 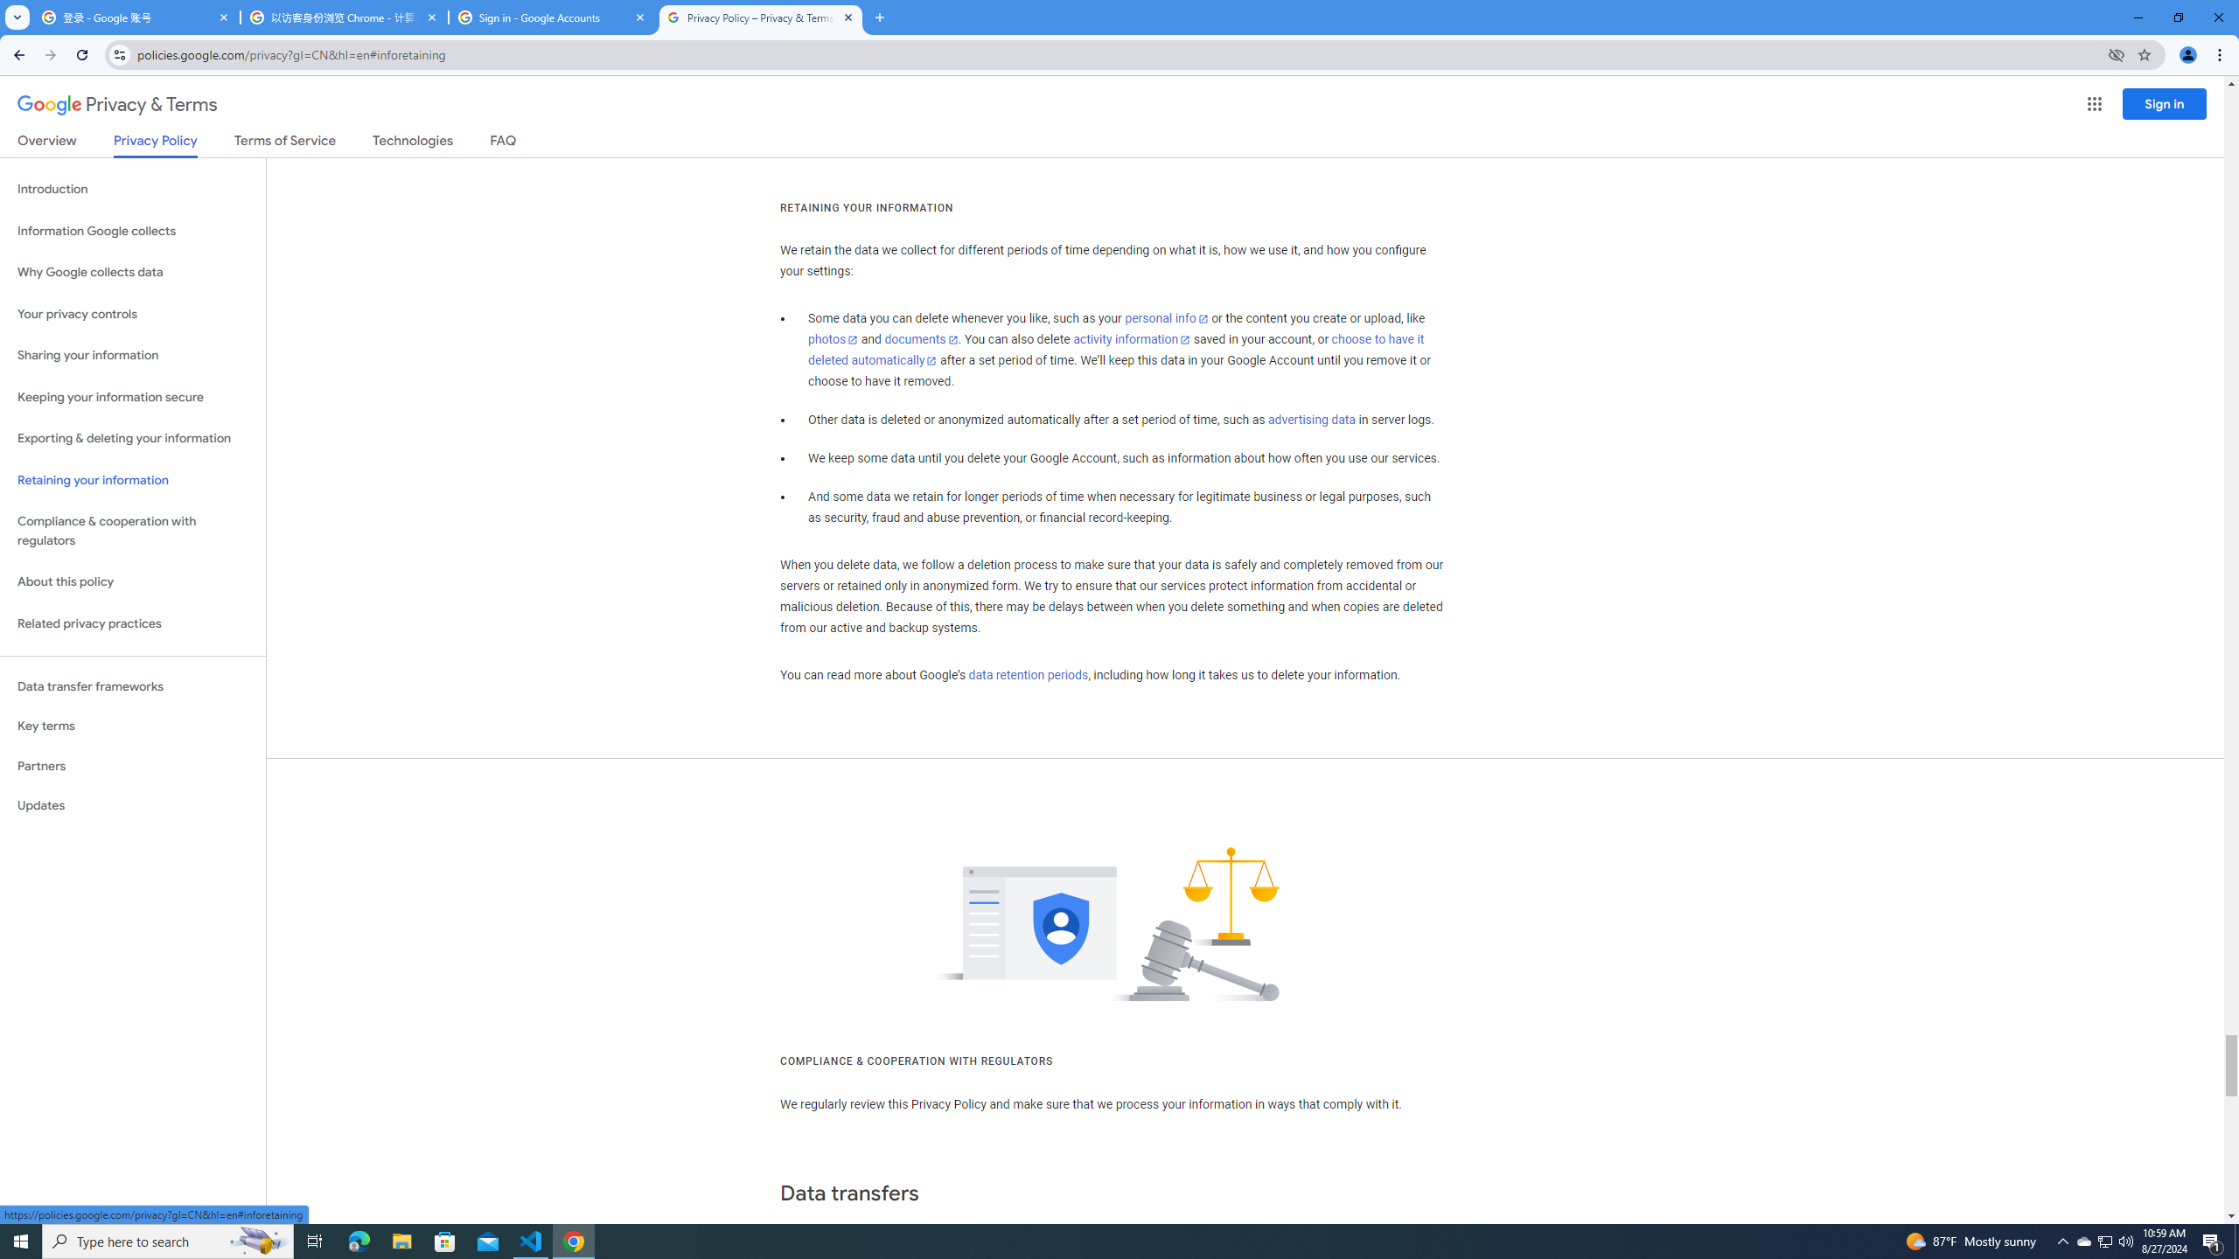 What do you see at coordinates (132, 354) in the screenshot?
I see `'Sharing your information'` at bounding box center [132, 354].